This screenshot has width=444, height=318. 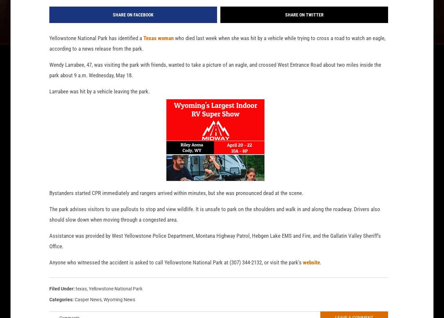 I want to click on 'Filed Under', so click(x=61, y=299).